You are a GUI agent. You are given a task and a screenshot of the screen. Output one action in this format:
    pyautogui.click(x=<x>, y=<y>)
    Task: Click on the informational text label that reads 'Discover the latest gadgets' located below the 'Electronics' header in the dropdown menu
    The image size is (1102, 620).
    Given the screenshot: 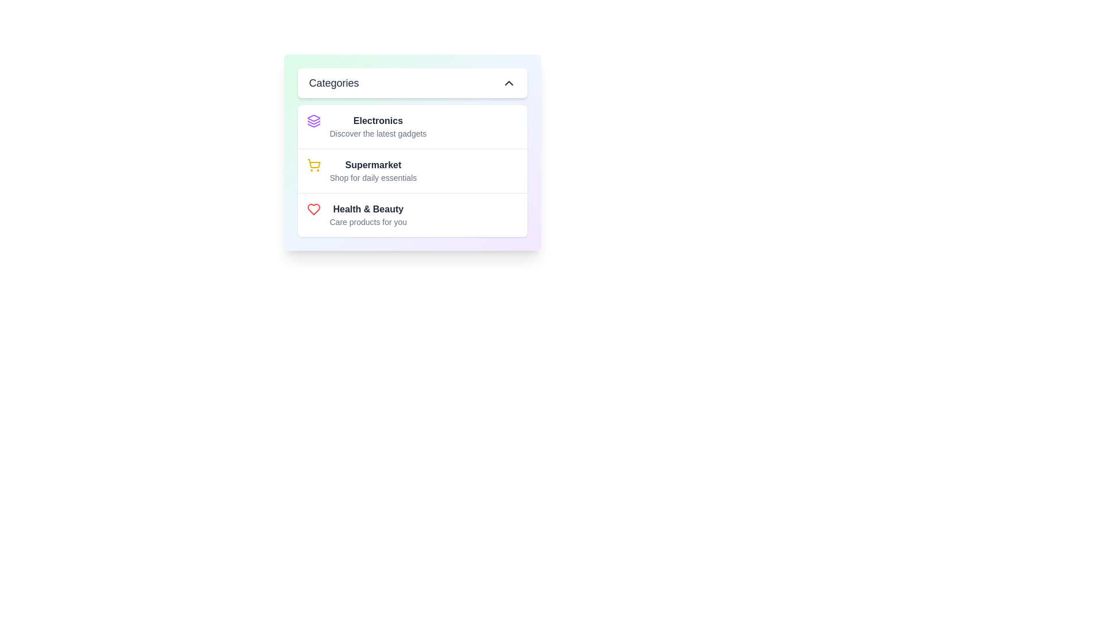 What is the action you would take?
    pyautogui.click(x=378, y=133)
    